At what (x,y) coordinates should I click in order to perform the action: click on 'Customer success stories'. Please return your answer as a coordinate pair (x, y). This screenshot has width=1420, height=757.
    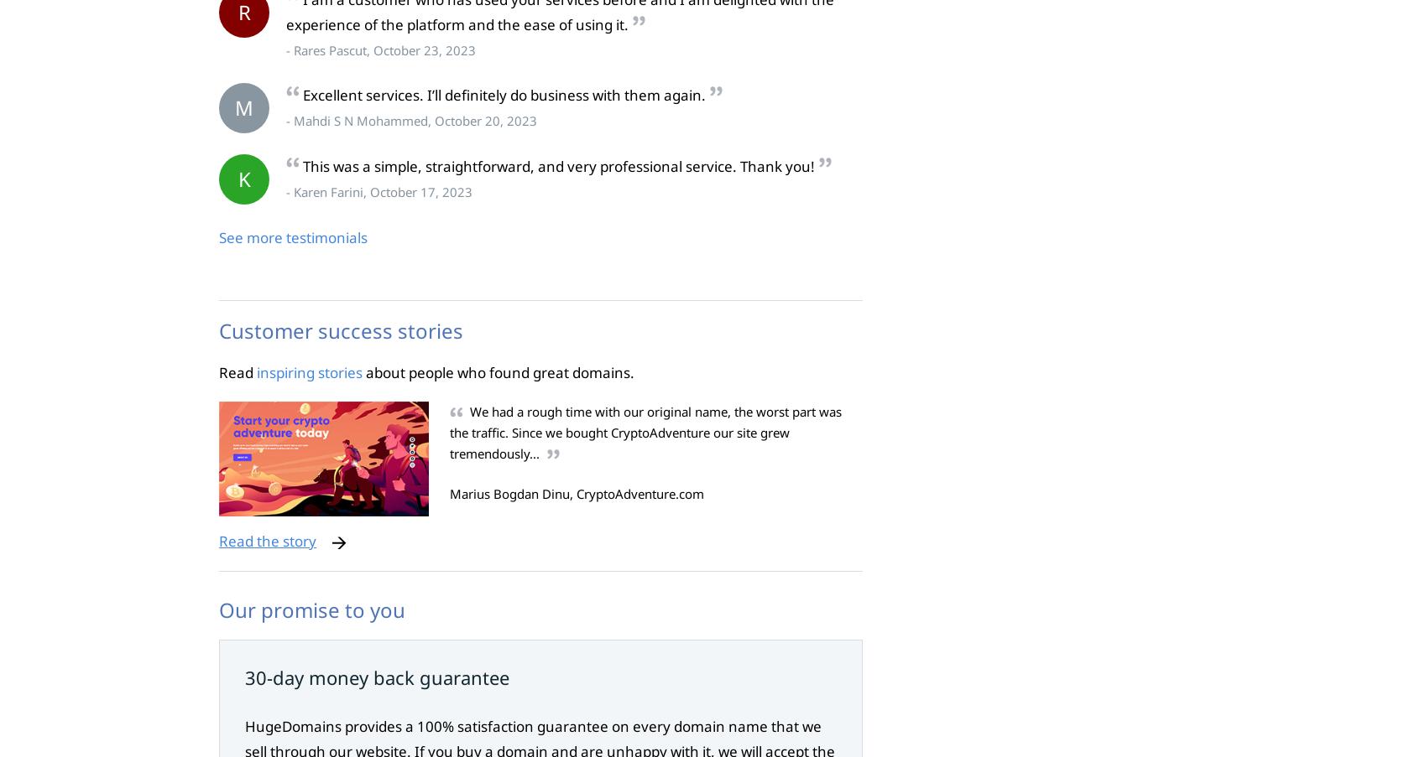
    Looking at the image, I should click on (341, 329).